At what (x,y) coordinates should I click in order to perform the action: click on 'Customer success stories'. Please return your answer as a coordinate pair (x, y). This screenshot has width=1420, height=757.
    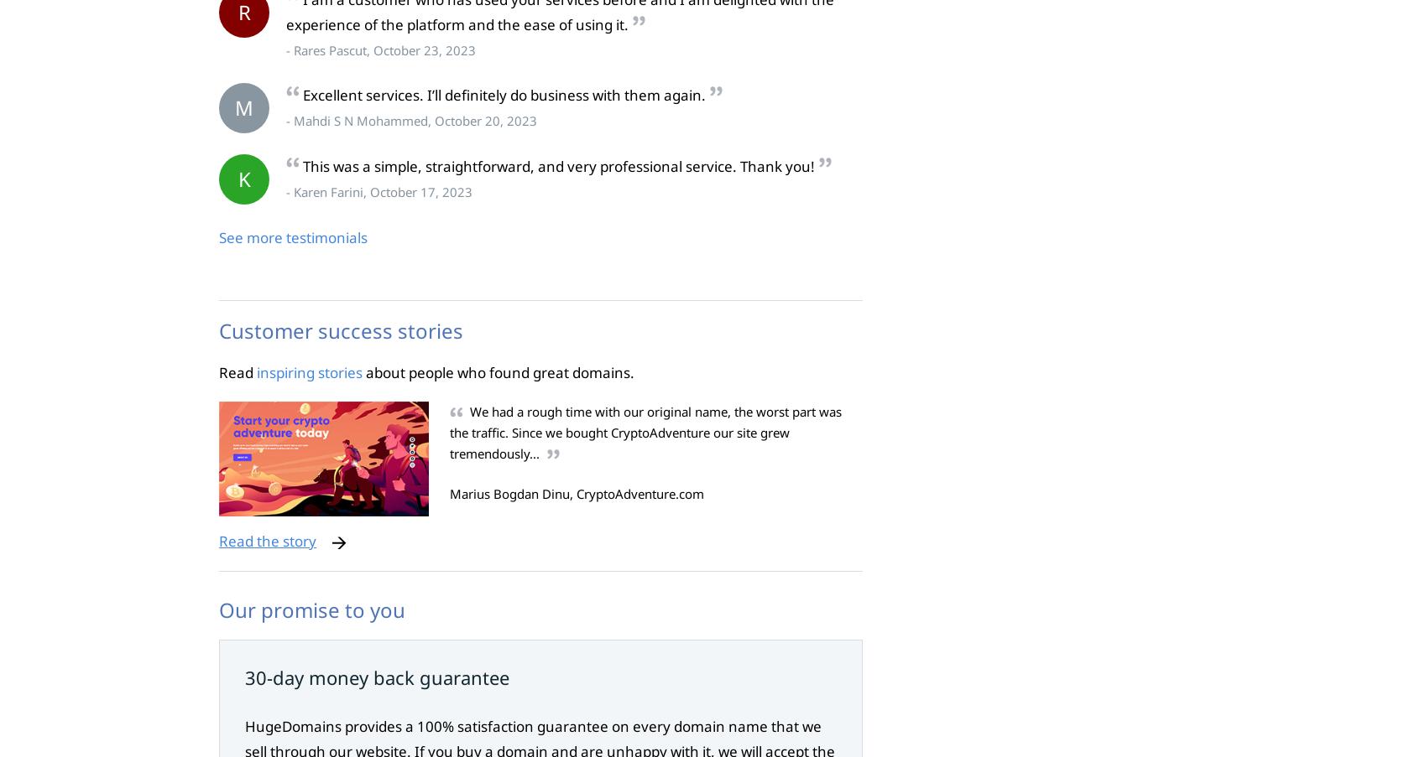
    Looking at the image, I should click on (341, 329).